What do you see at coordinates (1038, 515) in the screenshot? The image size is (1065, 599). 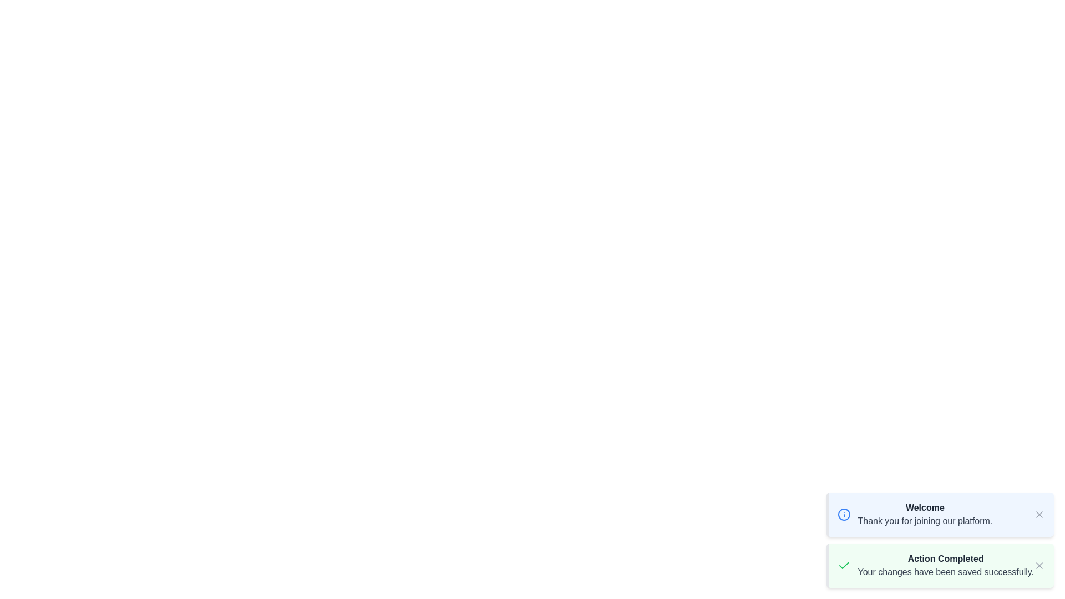 I see `the close button of the notification` at bounding box center [1038, 515].